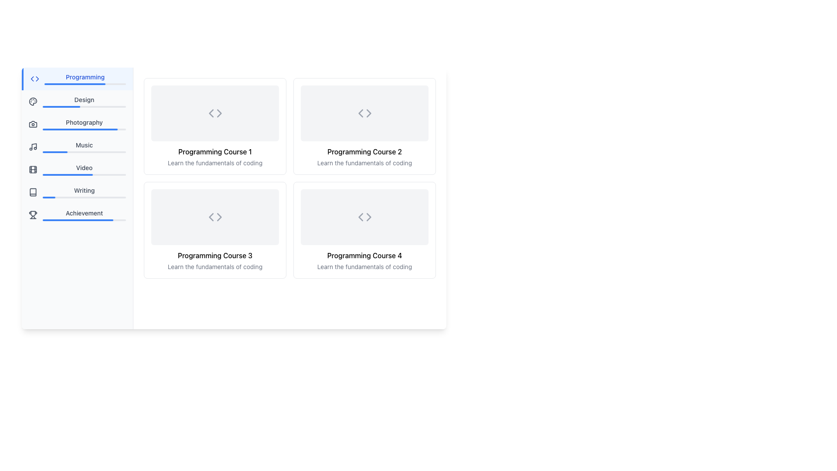 The width and height of the screenshot is (837, 471). Describe the element at coordinates (78, 175) in the screenshot. I see `the progress bar` at that location.